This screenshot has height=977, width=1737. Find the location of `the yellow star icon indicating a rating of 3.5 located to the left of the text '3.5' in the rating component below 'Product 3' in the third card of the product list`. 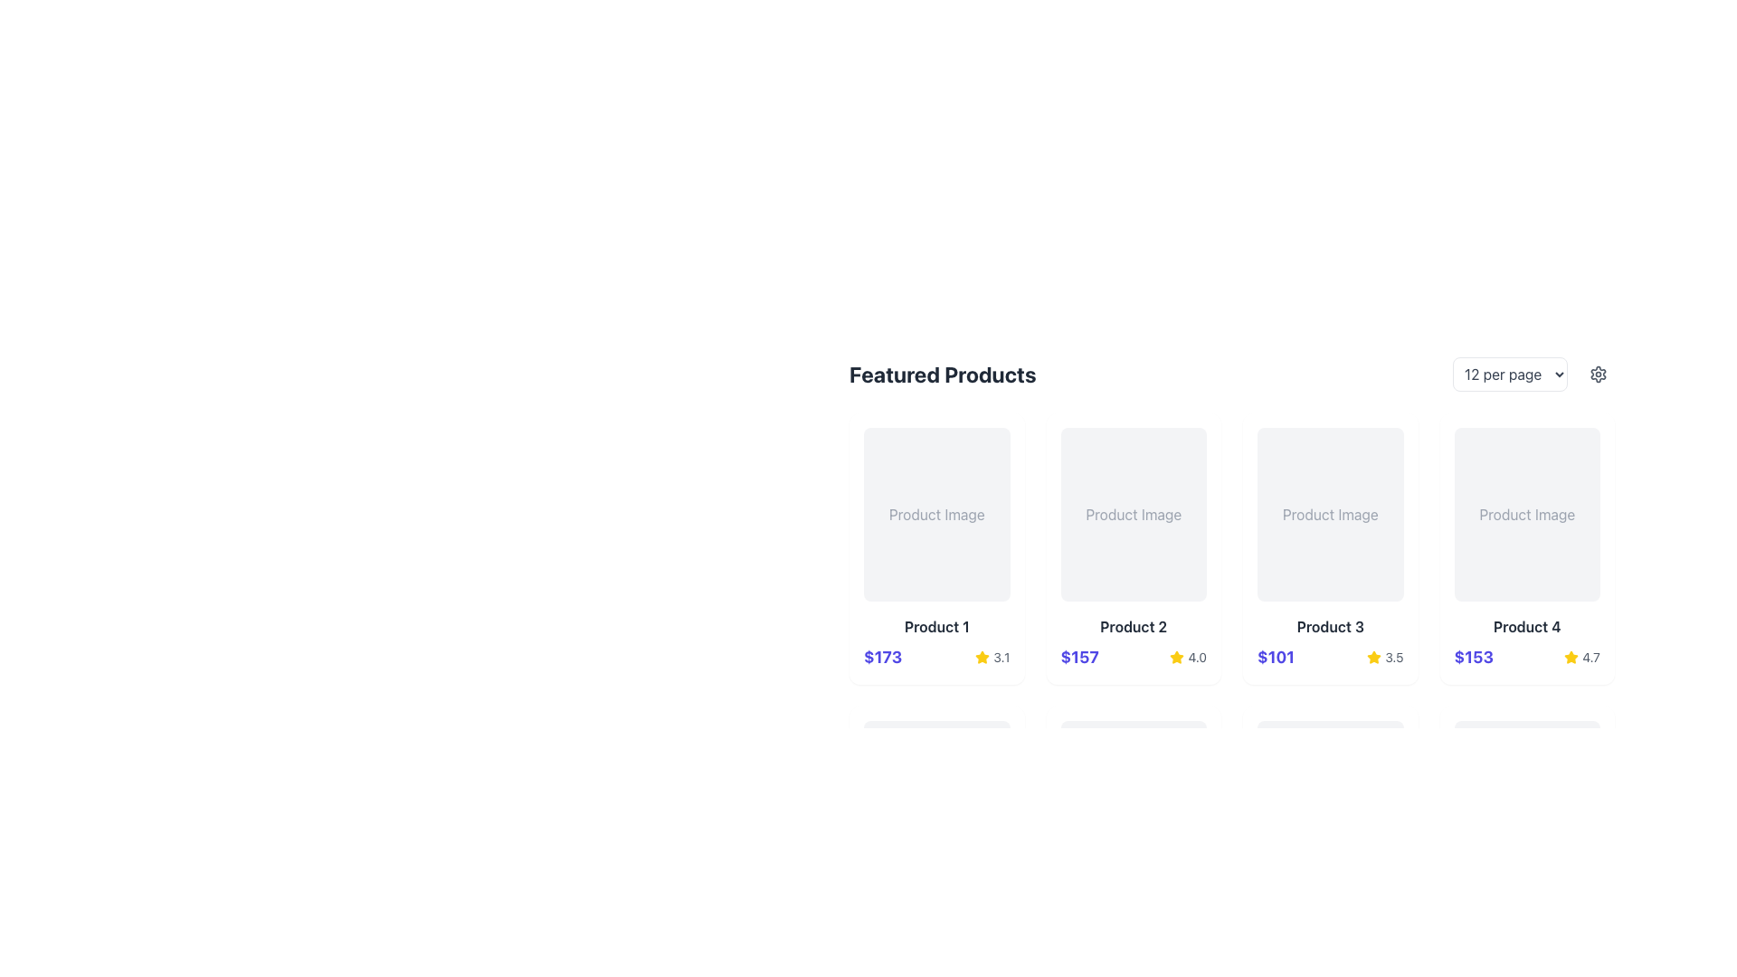

the yellow star icon indicating a rating of 3.5 located to the left of the text '3.5' in the rating component below 'Product 3' in the third card of the product list is located at coordinates (1374, 657).